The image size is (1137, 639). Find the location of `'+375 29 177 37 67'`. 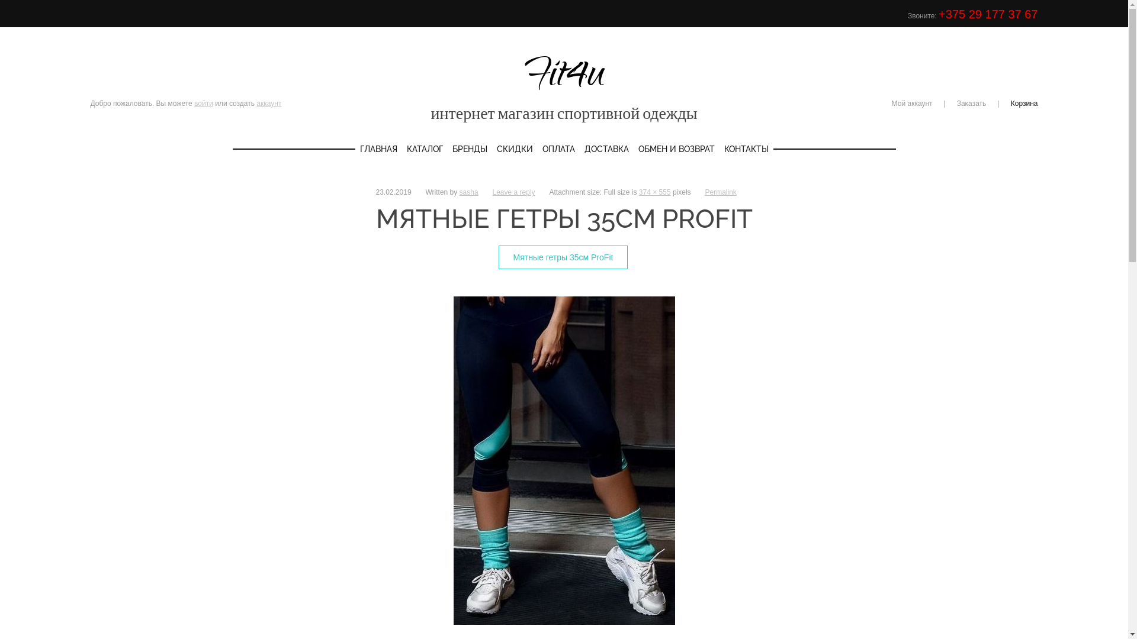

'+375 29 177 37 67' is located at coordinates (988, 14).